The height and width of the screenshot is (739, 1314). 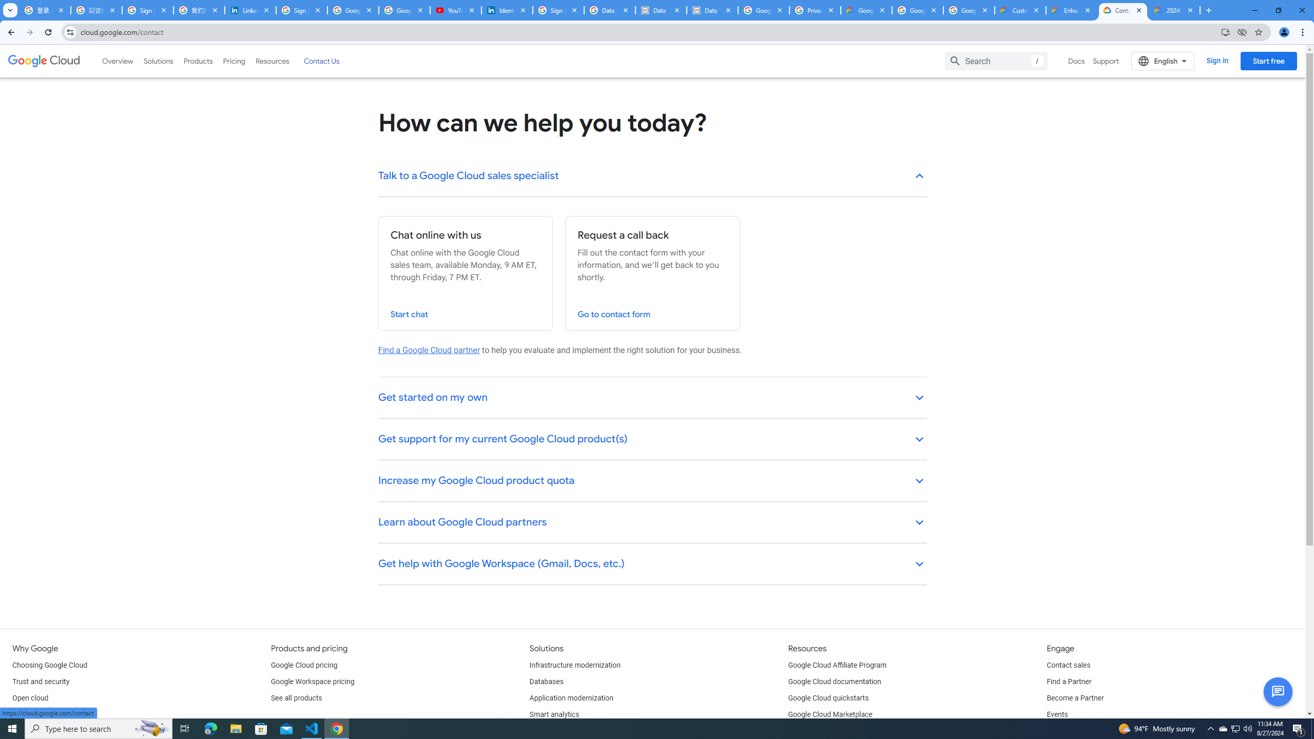 What do you see at coordinates (1021, 10) in the screenshot?
I see `'Customer Care | Google Cloud'` at bounding box center [1021, 10].